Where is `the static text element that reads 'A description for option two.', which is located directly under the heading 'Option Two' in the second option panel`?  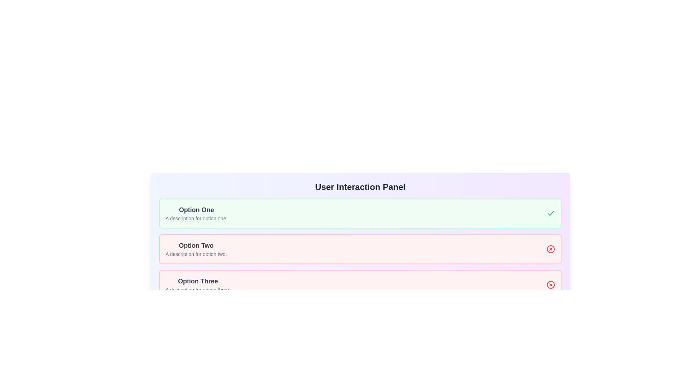
the static text element that reads 'A description for option two.', which is located directly under the heading 'Option Two' in the second option panel is located at coordinates (196, 254).